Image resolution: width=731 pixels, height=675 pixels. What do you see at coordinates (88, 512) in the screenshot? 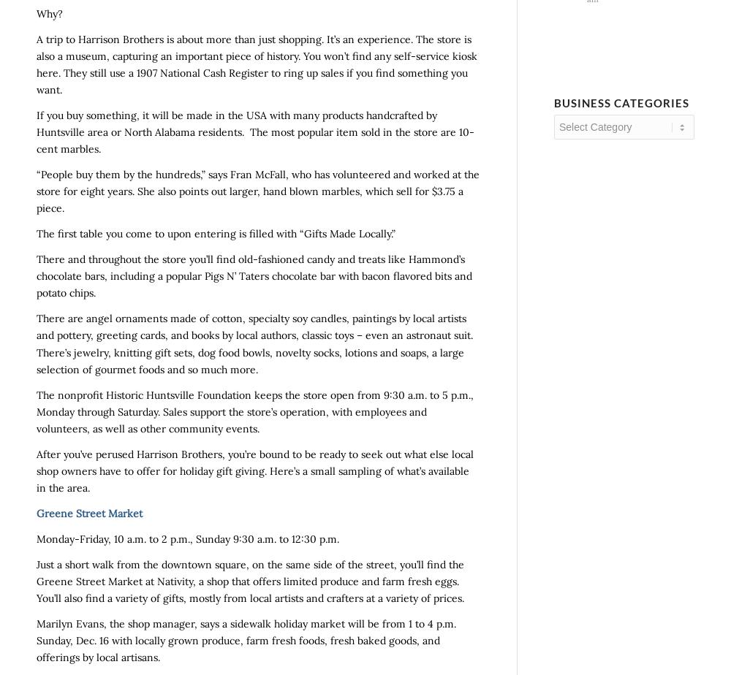
I see `'Greene Street Market'` at bounding box center [88, 512].